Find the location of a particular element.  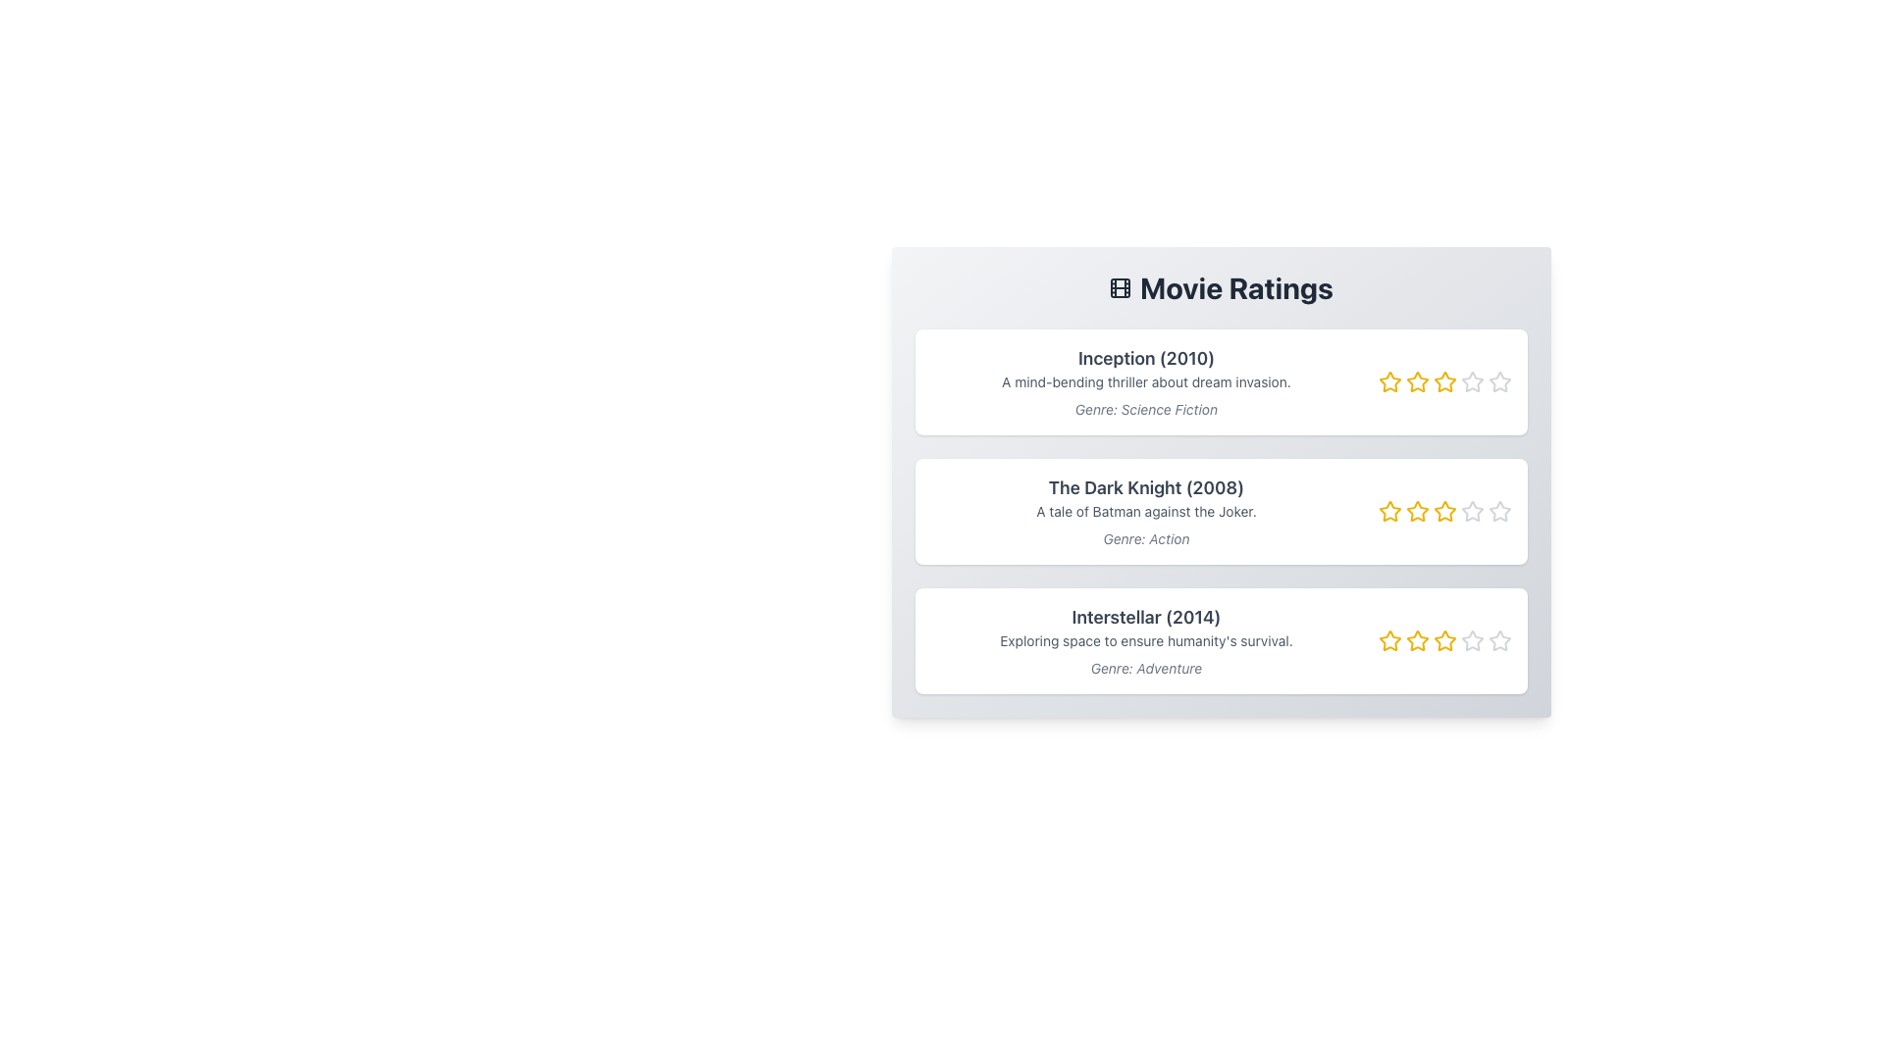

the third star rating icon for 'Interstellar (2014)' to enable accessibility navigation is located at coordinates (1444, 640).